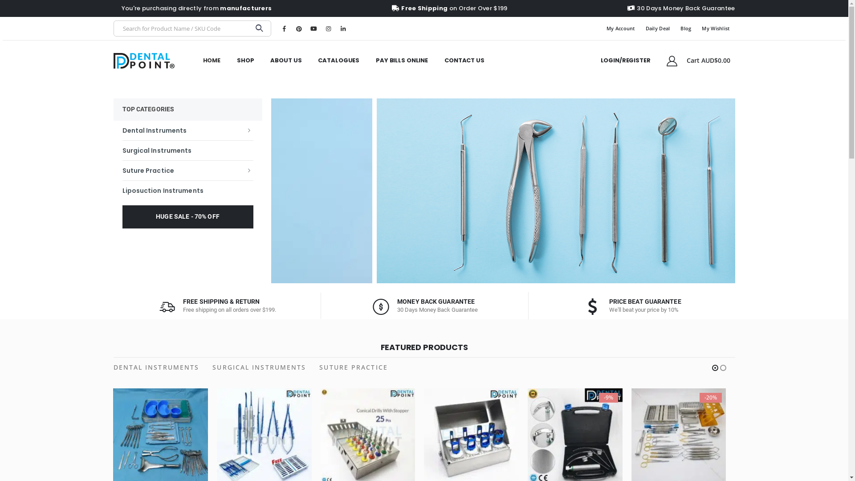 The height and width of the screenshot is (481, 855). Describe the element at coordinates (658, 28) in the screenshot. I see `'Daily Deal'` at that location.